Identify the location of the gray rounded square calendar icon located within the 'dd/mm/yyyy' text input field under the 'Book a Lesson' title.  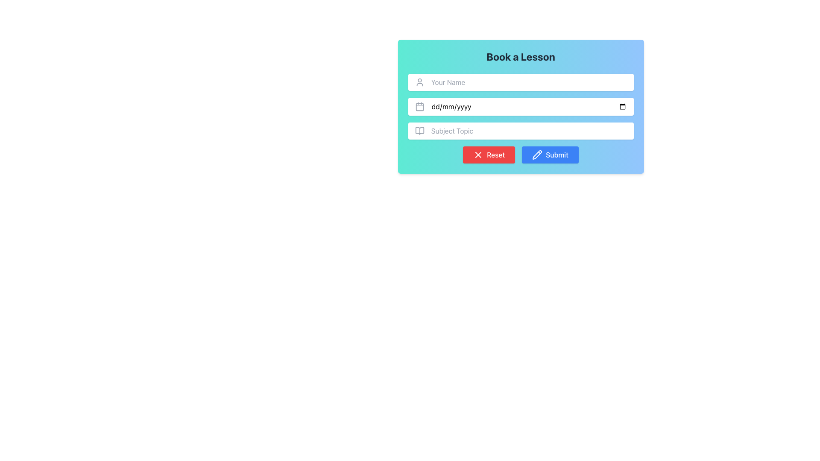
(419, 106).